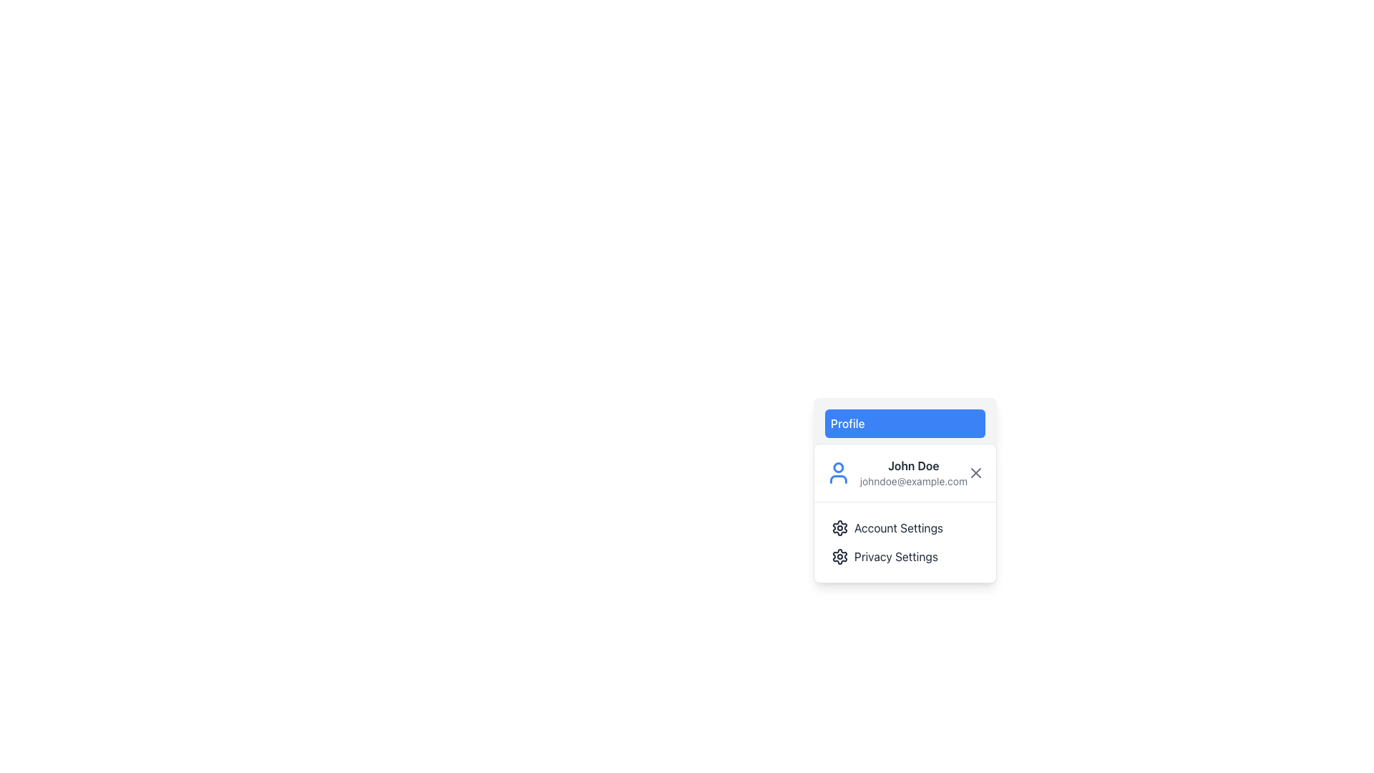 The height and width of the screenshot is (773, 1374). I want to click on the 'Profile' label, which is a text element styled with medium weight font on a blue background, located at the top section of a dropdown menu card, so click(847, 422).